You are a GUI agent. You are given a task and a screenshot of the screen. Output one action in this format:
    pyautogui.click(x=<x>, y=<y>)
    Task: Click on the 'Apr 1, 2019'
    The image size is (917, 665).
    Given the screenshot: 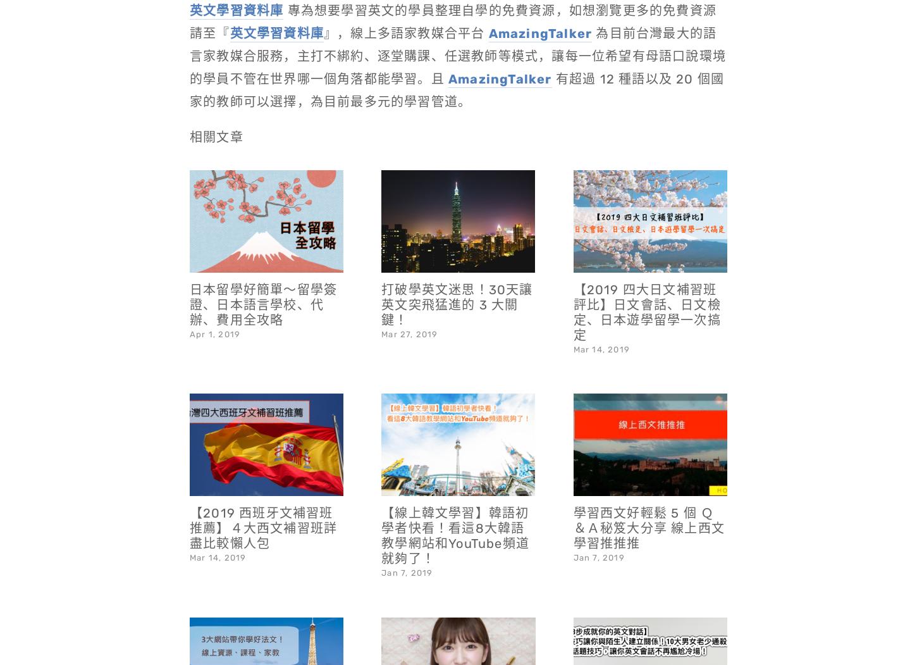 What is the action you would take?
    pyautogui.click(x=214, y=301)
    